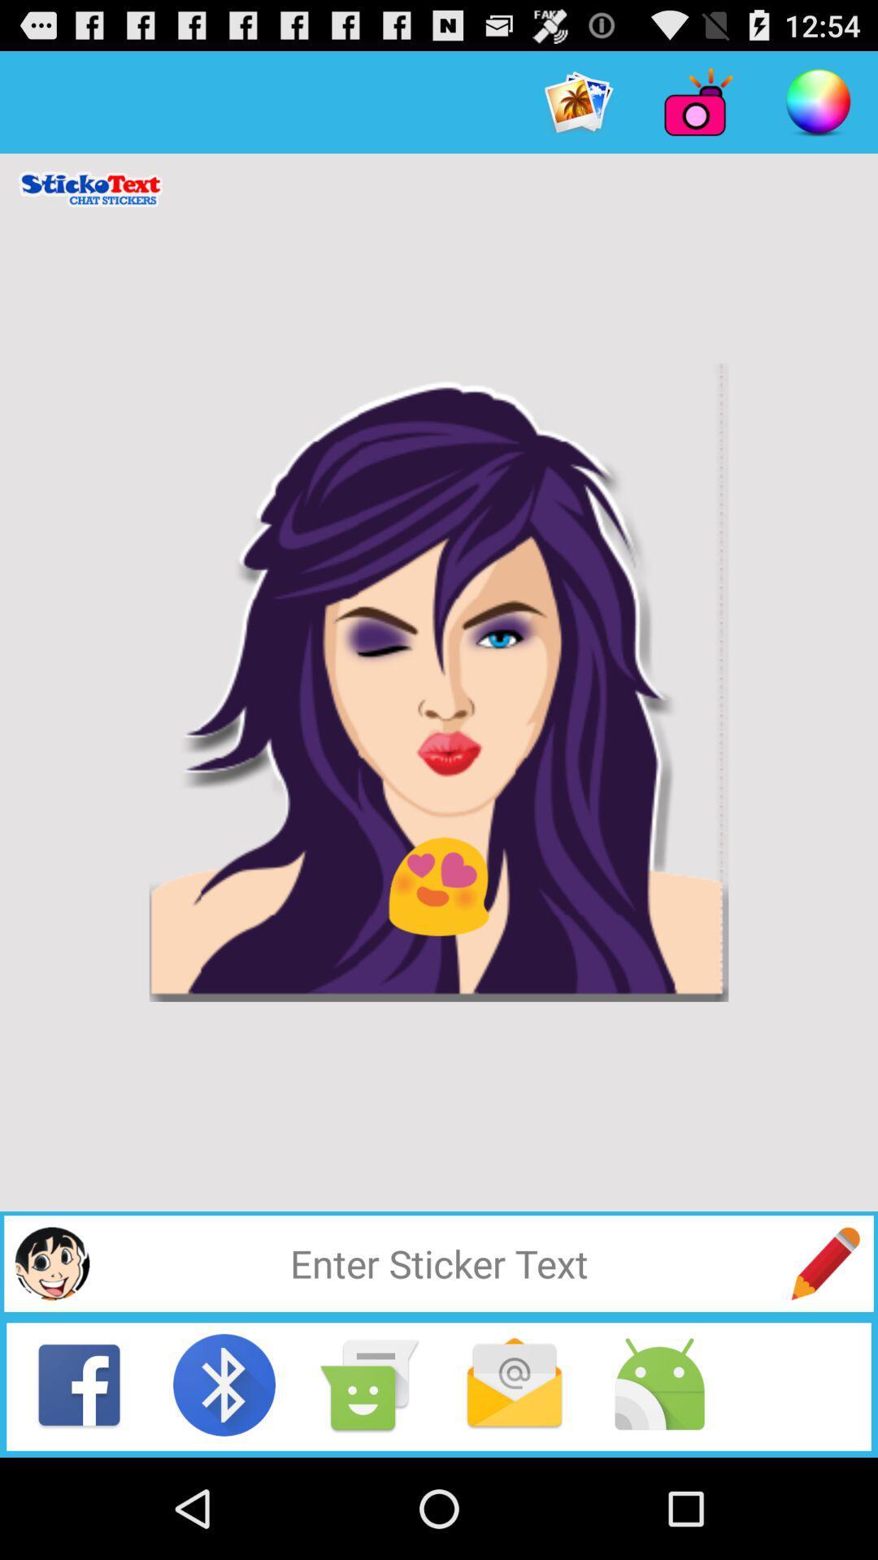 The image size is (878, 1560). I want to click on facebook, so click(79, 1384).